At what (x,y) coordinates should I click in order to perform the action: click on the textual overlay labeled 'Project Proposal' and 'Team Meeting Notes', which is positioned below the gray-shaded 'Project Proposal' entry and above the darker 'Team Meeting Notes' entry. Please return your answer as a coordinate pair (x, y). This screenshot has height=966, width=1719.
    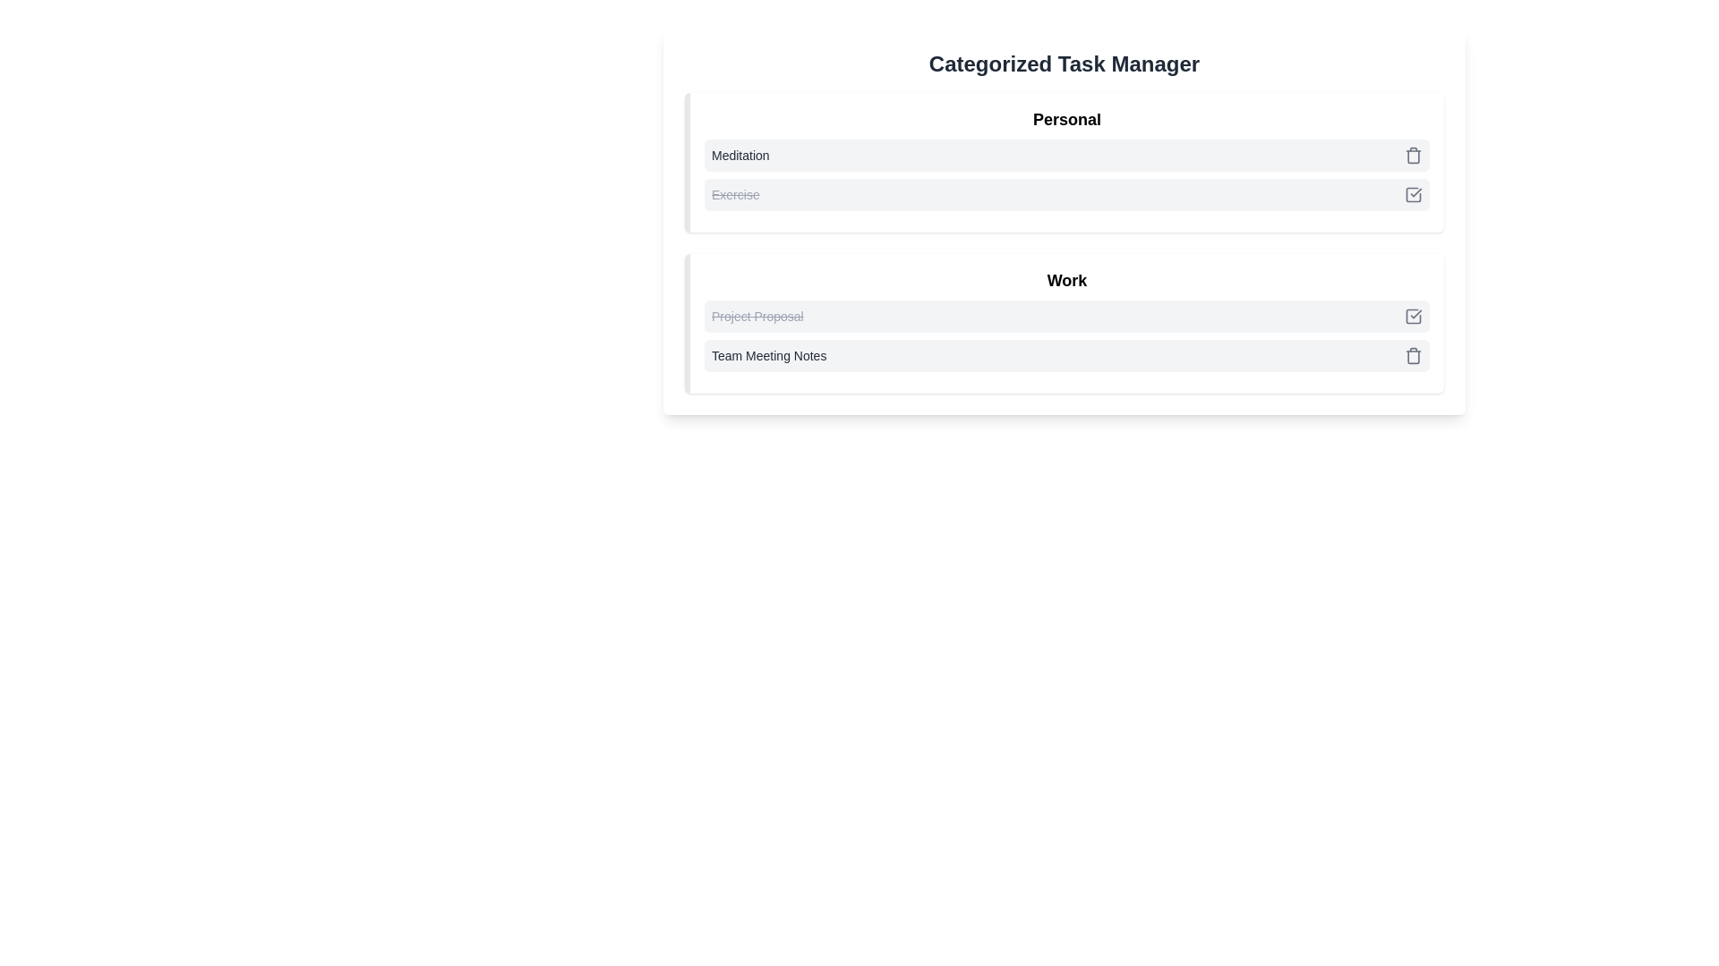
    Looking at the image, I should click on (1066, 335).